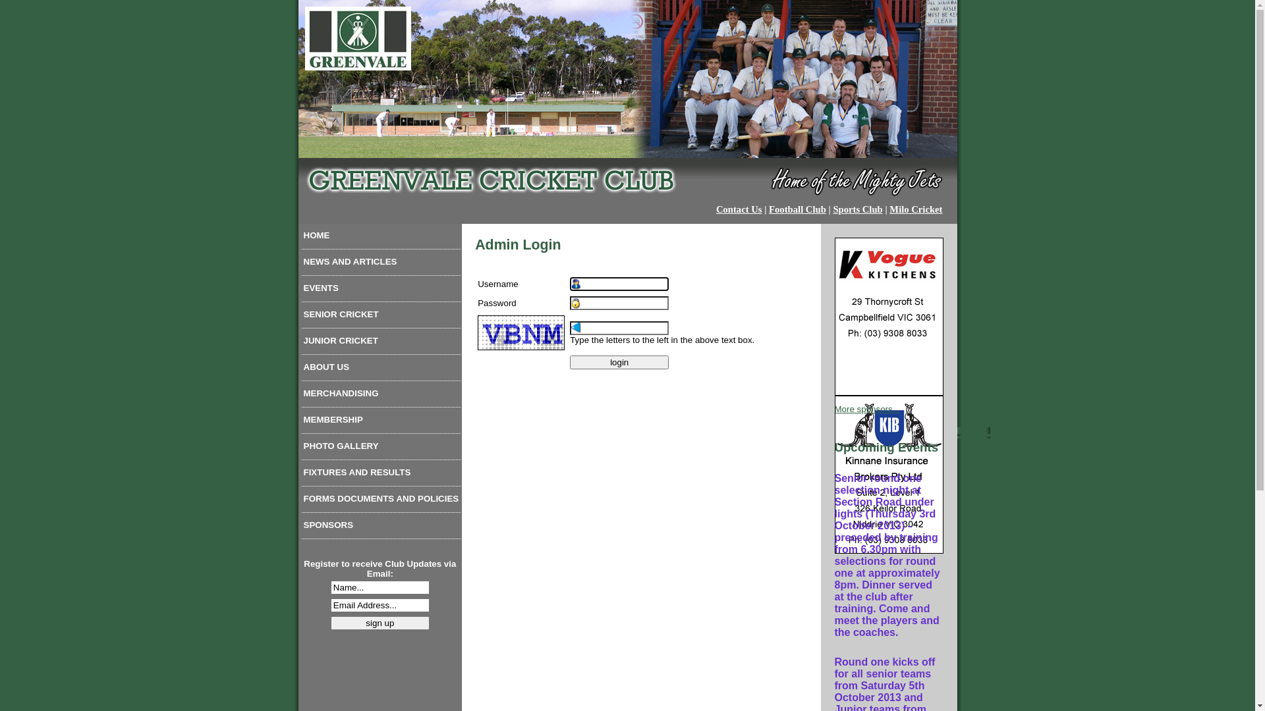 The image size is (1265, 711). Describe the element at coordinates (379, 622) in the screenshot. I see `'sign up'` at that location.